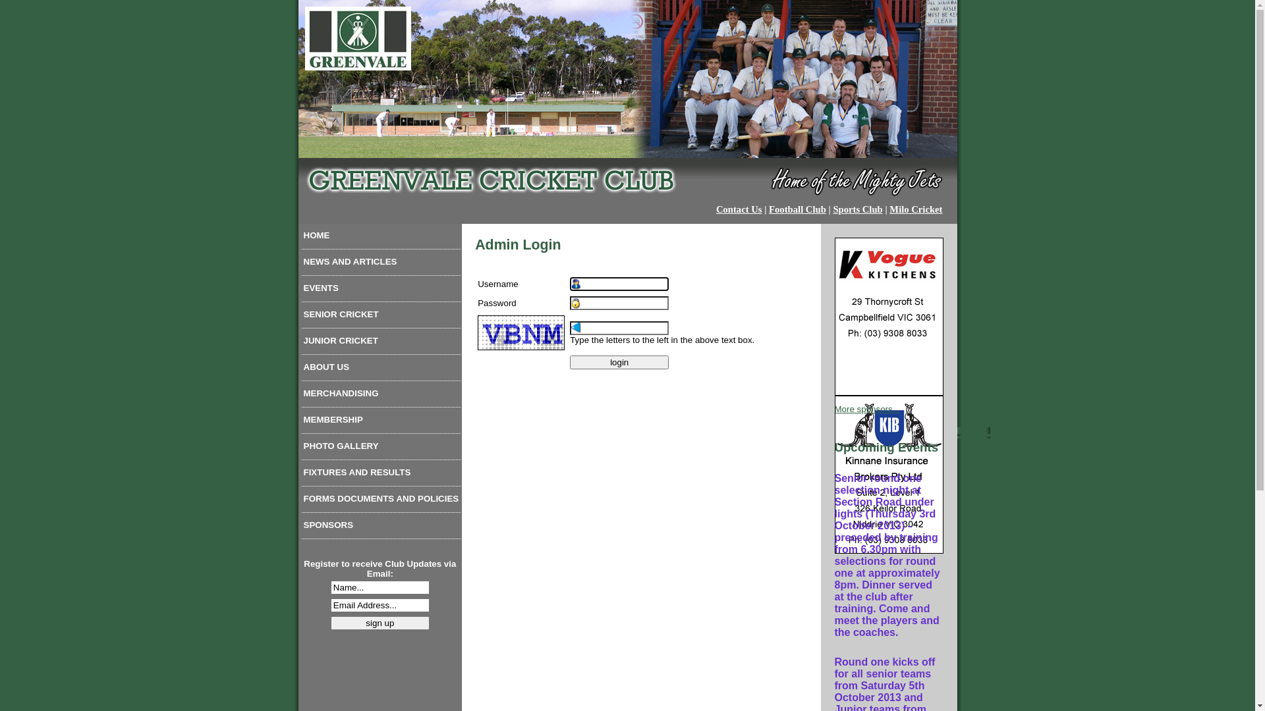 The image size is (1265, 711). Describe the element at coordinates (379, 622) in the screenshot. I see `'sign up'` at that location.